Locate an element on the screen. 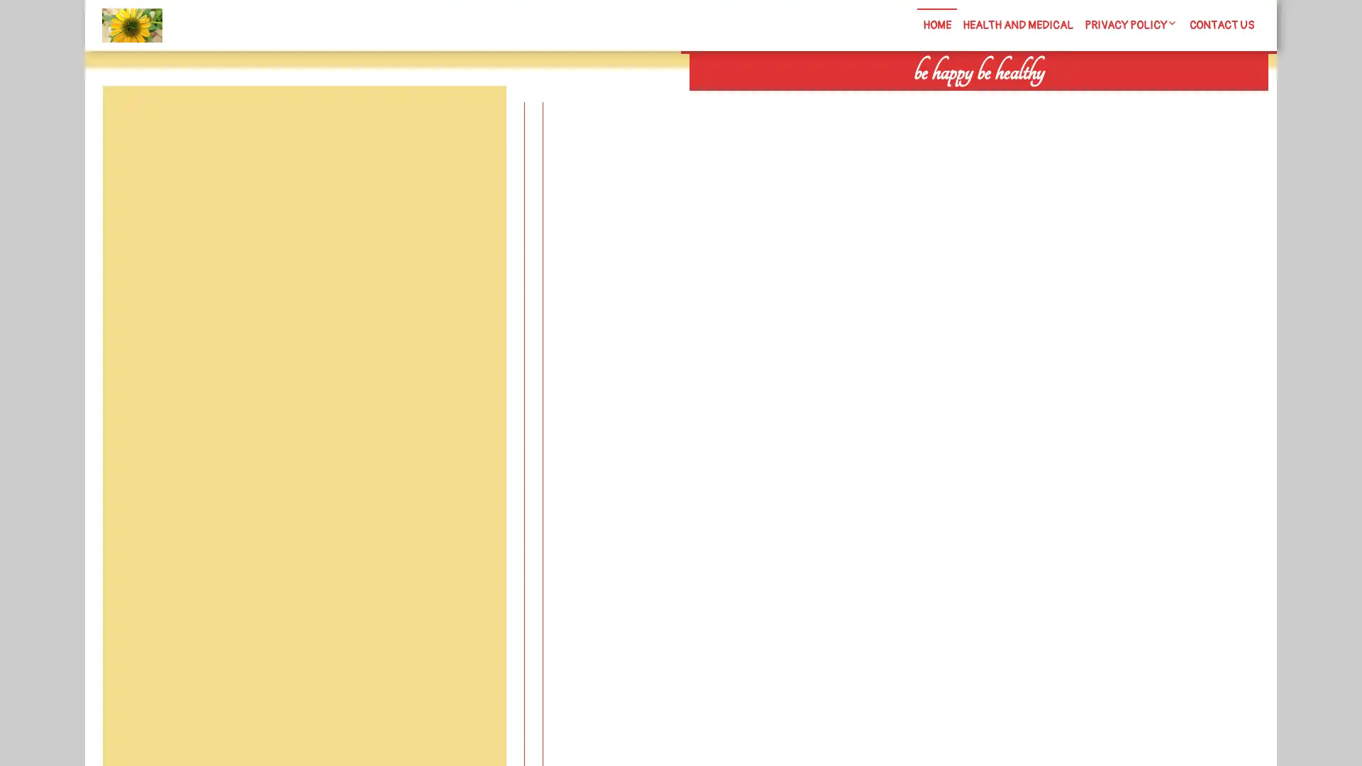 Image resolution: width=1362 pixels, height=766 pixels. Search is located at coordinates (473, 119).